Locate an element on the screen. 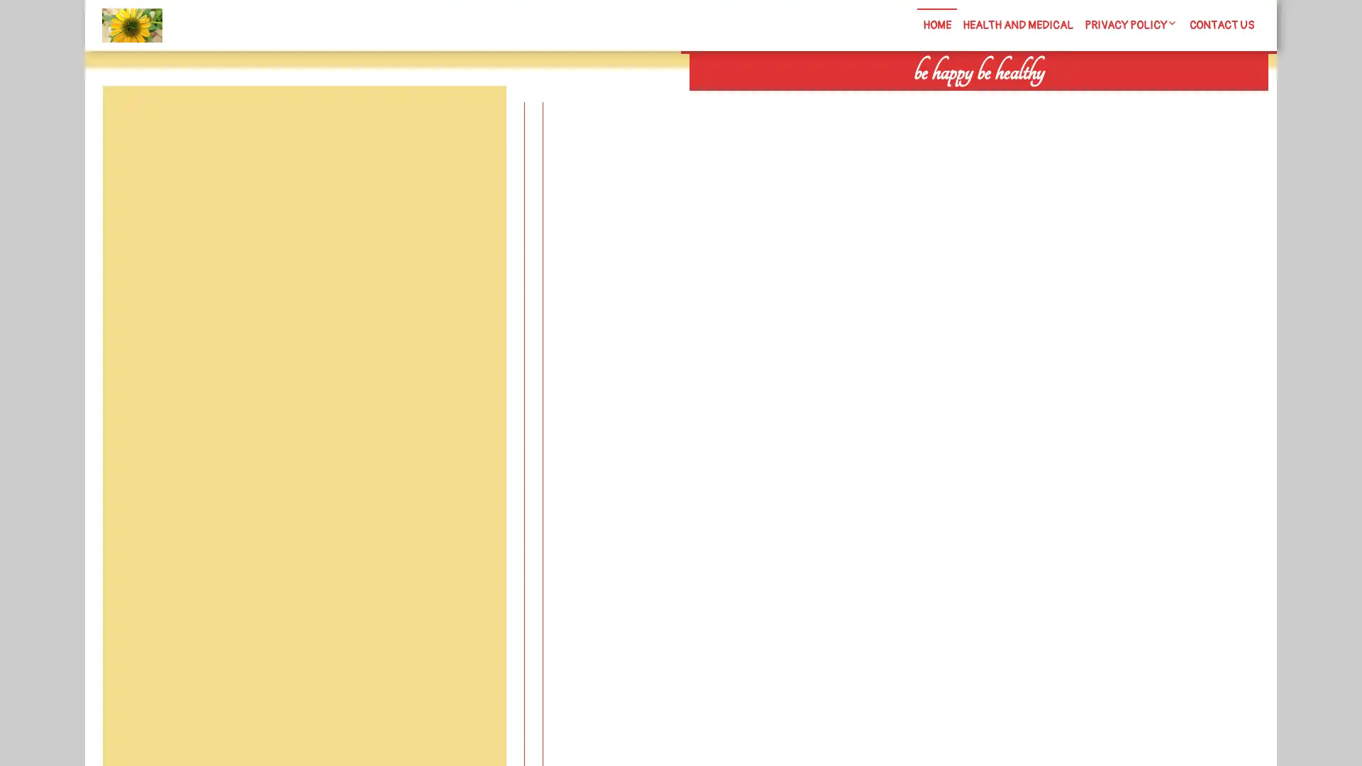 Image resolution: width=1362 pixels, height=766 pixels. Search is located at coordinates (473, 119).